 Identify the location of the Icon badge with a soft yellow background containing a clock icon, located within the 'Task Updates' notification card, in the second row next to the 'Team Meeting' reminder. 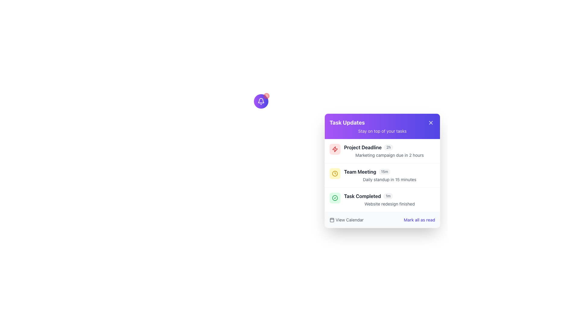
(334, 174).